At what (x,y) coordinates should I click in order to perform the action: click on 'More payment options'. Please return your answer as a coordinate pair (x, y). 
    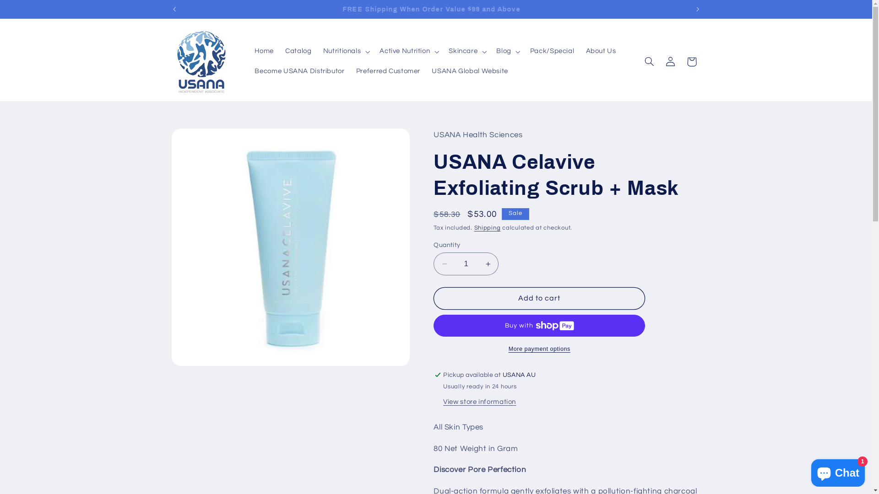
    Looking at the image, I should click on (539, 349).